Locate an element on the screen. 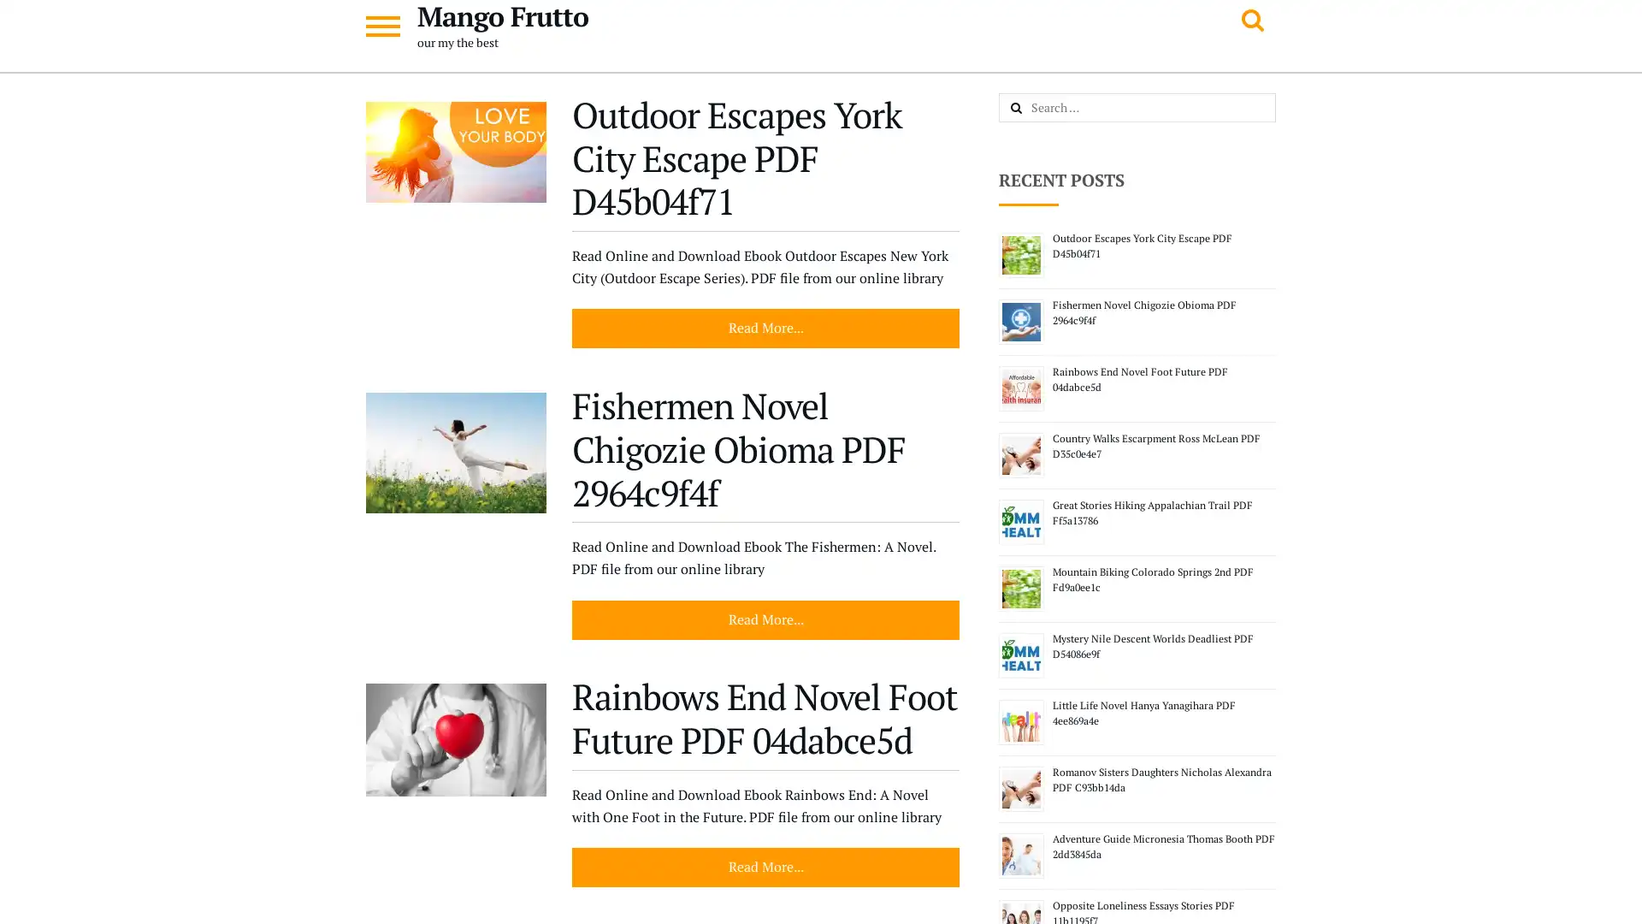  Search is located at coordinates (1034, 109).